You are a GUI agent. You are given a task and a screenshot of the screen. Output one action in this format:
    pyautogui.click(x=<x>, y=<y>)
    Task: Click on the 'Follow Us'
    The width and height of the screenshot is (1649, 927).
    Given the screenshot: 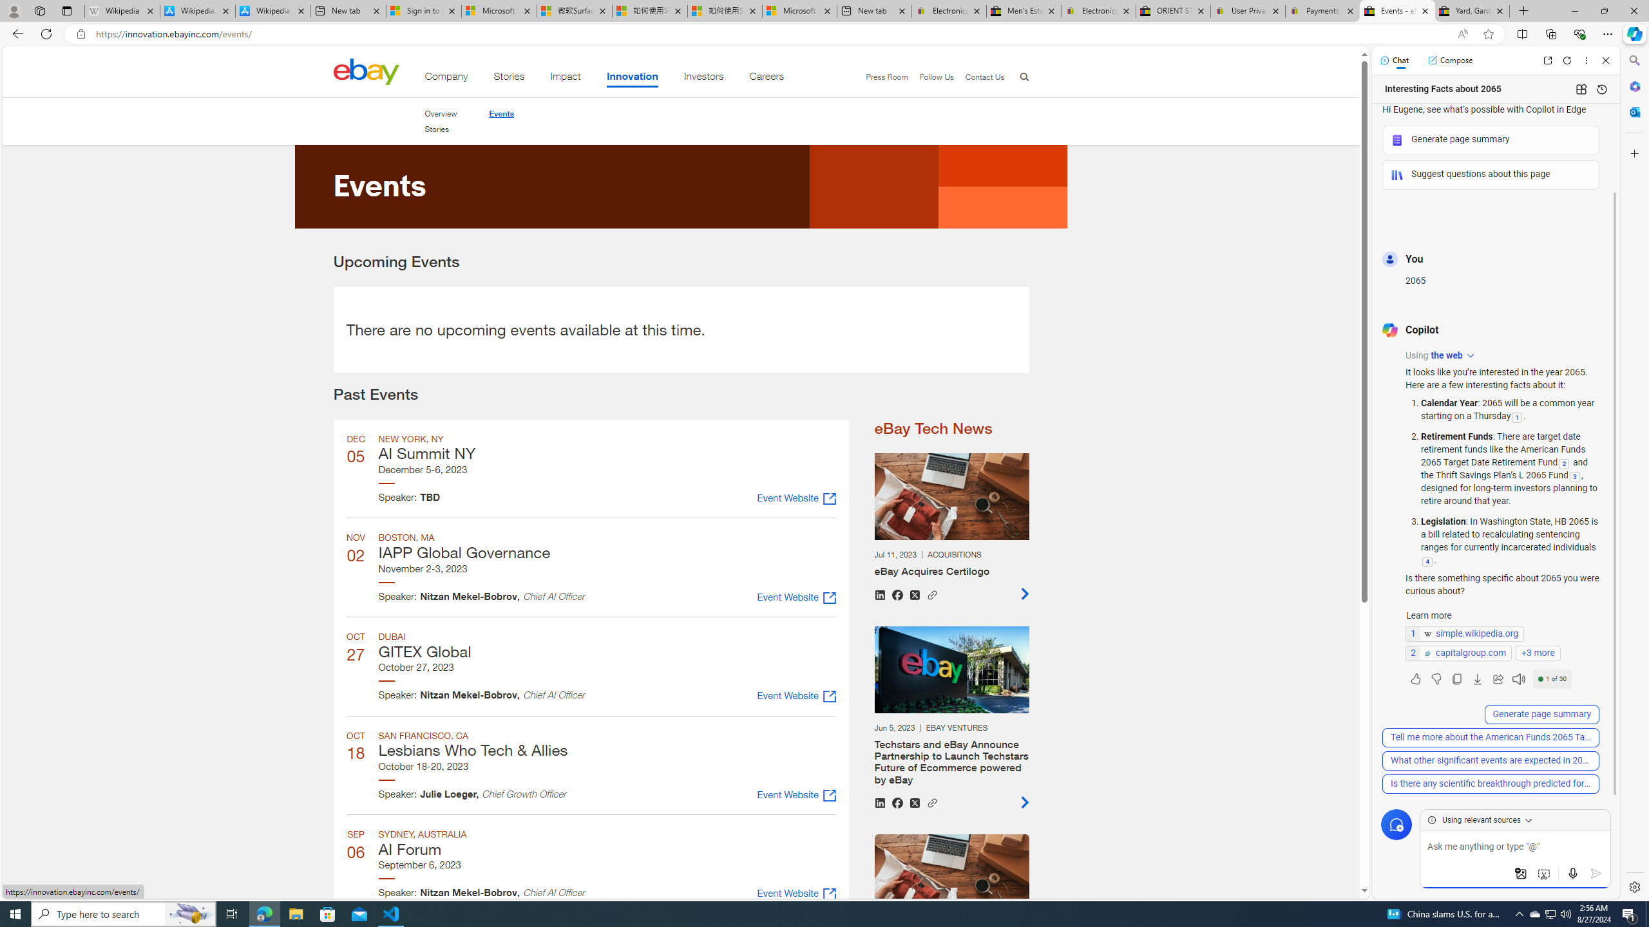 What is the action you would take?
    pyautogui.click(x=930, y=77)
    